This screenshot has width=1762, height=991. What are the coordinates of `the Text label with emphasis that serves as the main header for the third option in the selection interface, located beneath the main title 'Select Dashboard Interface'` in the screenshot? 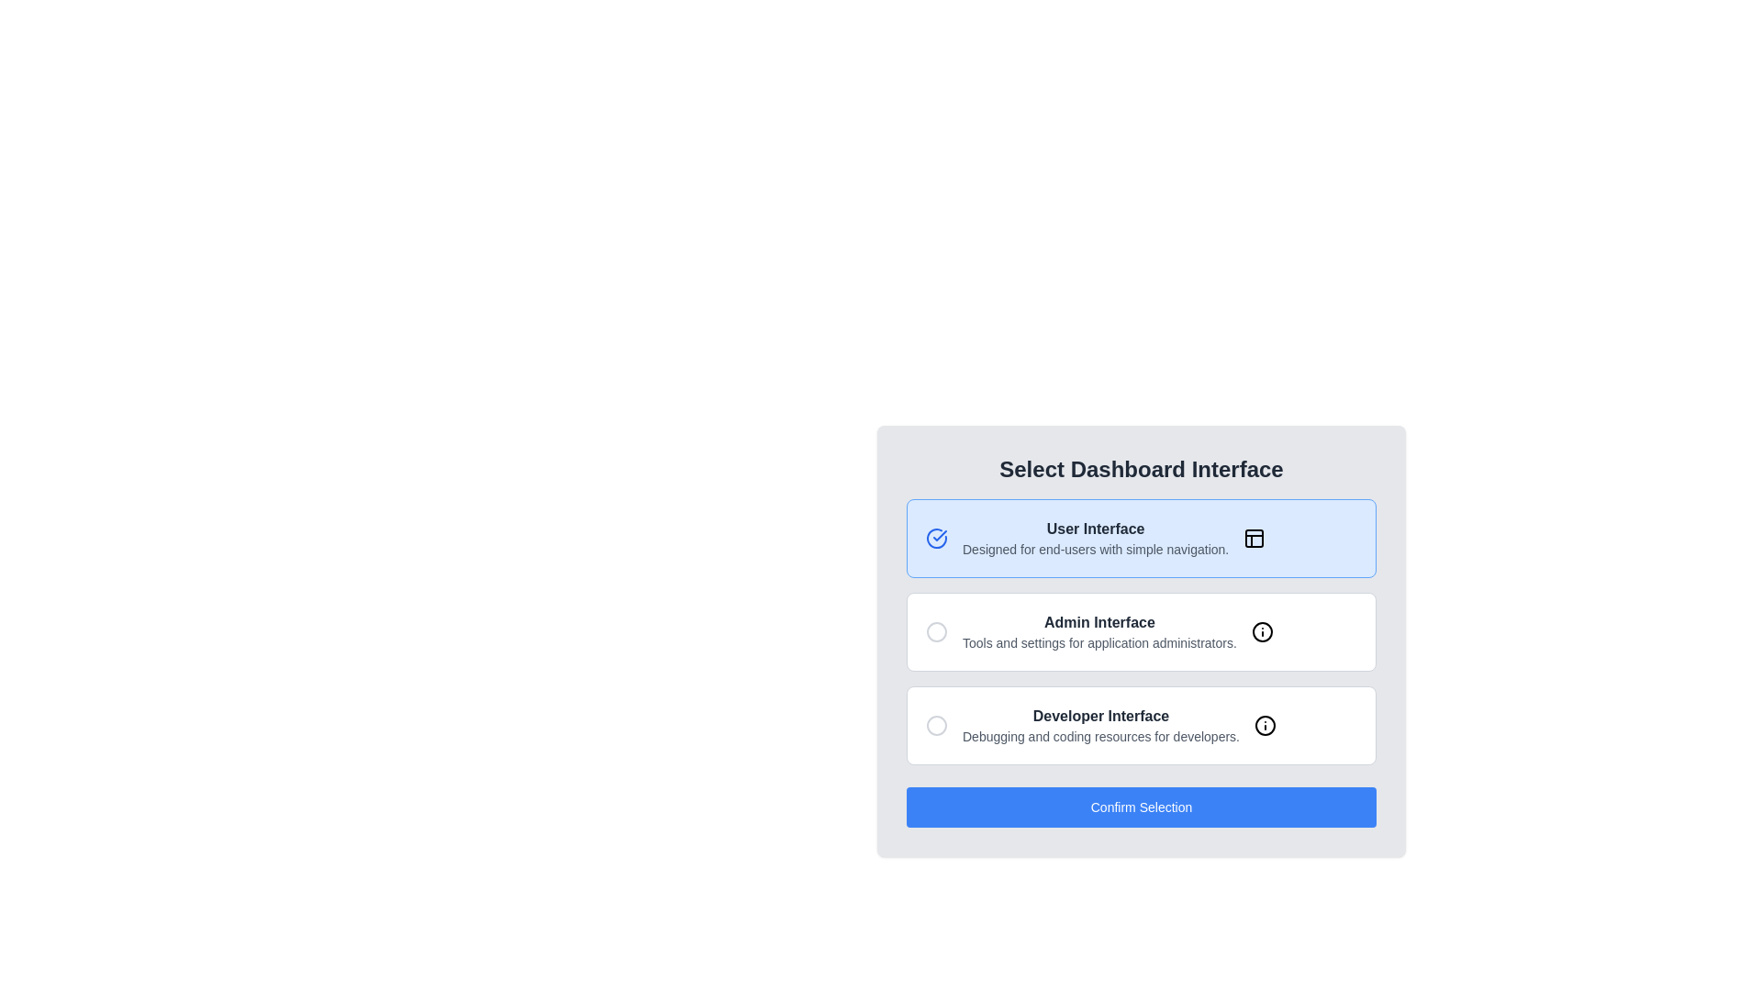 It's located at (1101, 715).